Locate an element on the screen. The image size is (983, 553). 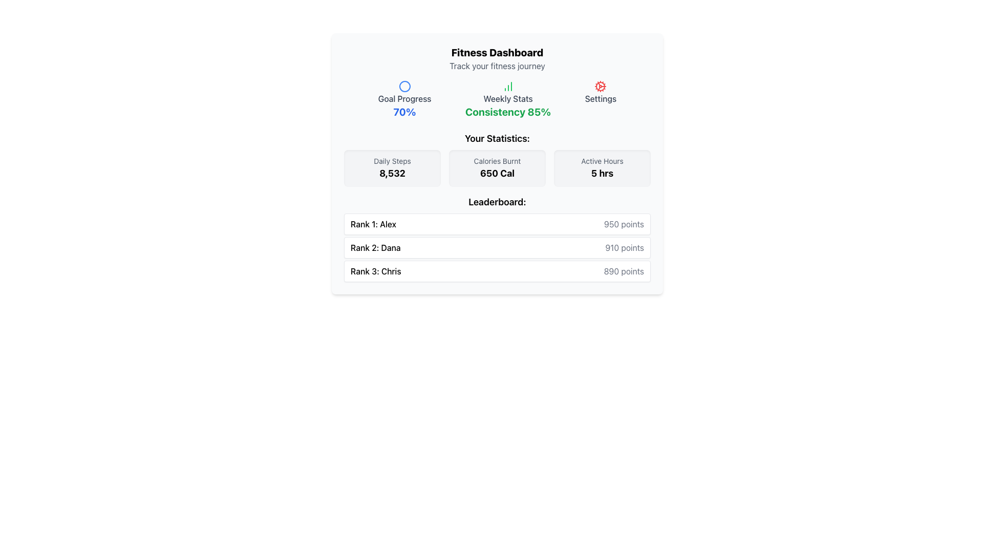
the Informational display card that contains a bar chart icon, the label 'Weekly Stats', and the text 'Consistency 85%' in green, positioned centrally between 'Goal Progress' and 'Settings' is located at coordinates (508, 100).